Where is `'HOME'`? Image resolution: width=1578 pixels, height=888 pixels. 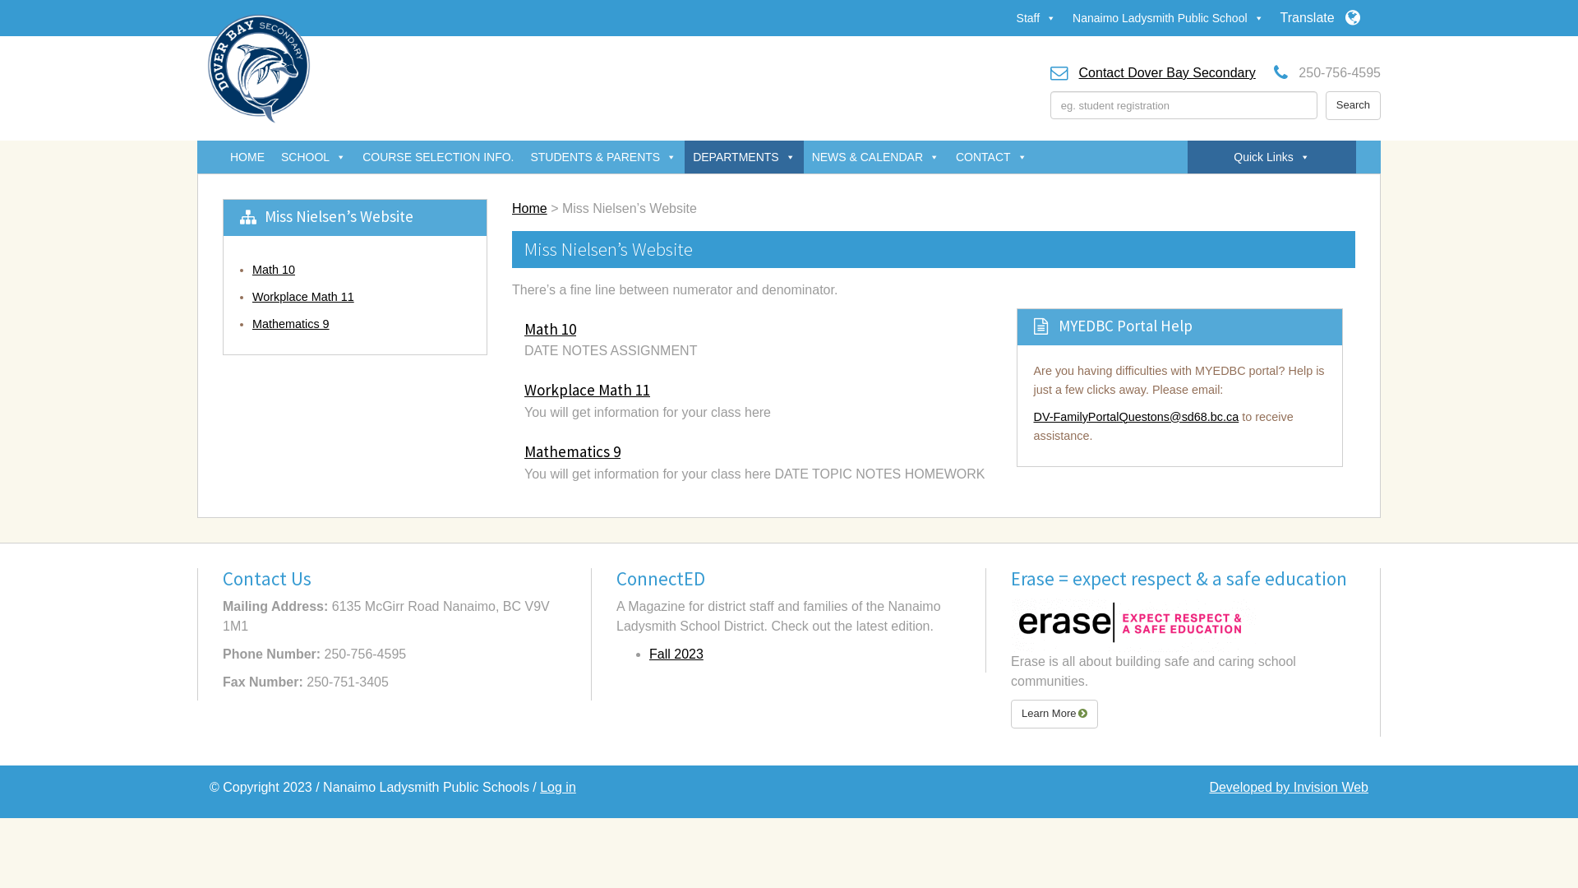
'HOME' is located at coordinates (247, 157).